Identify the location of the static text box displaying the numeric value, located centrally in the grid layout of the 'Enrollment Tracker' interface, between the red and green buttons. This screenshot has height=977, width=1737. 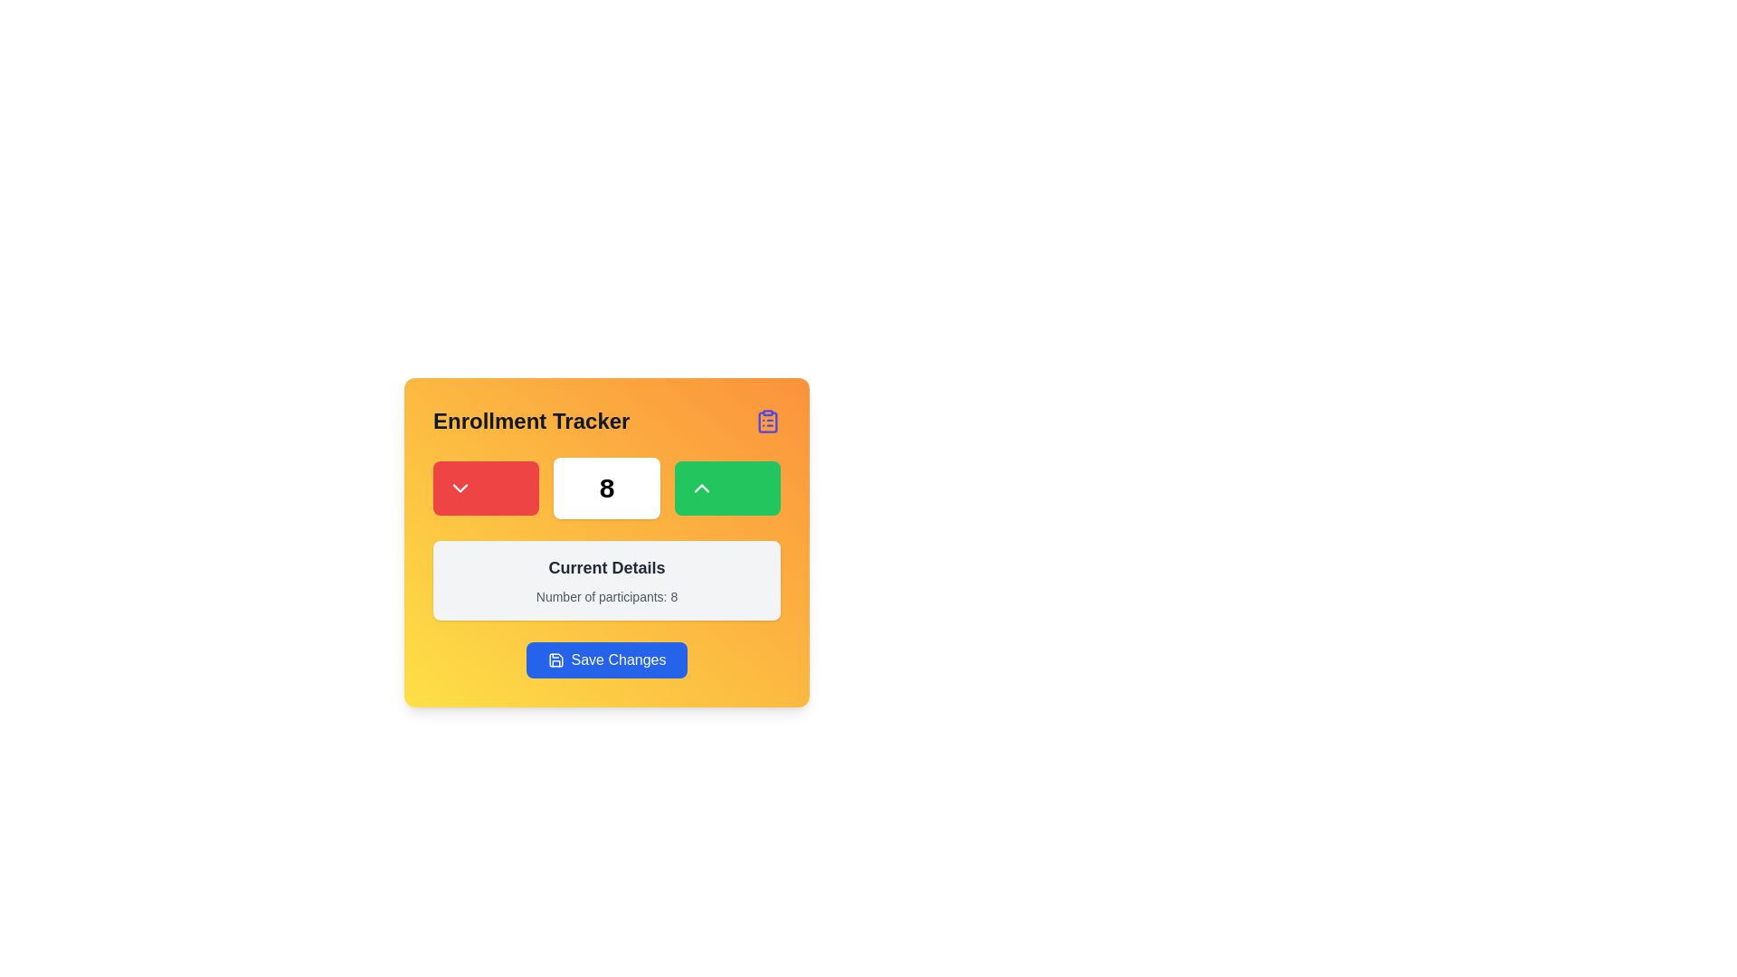
(607, 488).